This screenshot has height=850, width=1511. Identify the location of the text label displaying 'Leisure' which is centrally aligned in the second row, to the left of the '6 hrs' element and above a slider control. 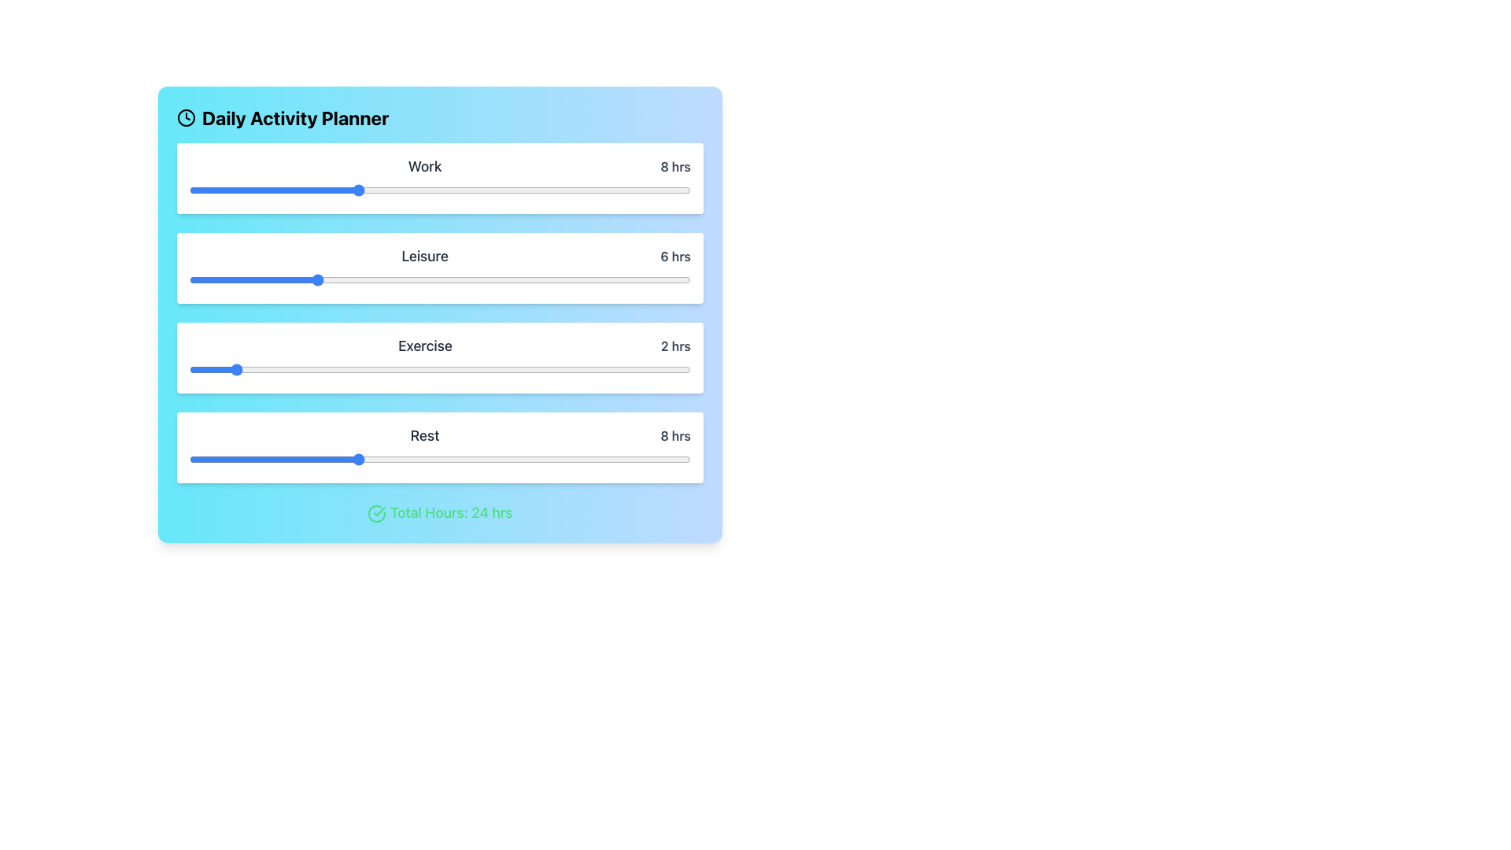
(425, 256).